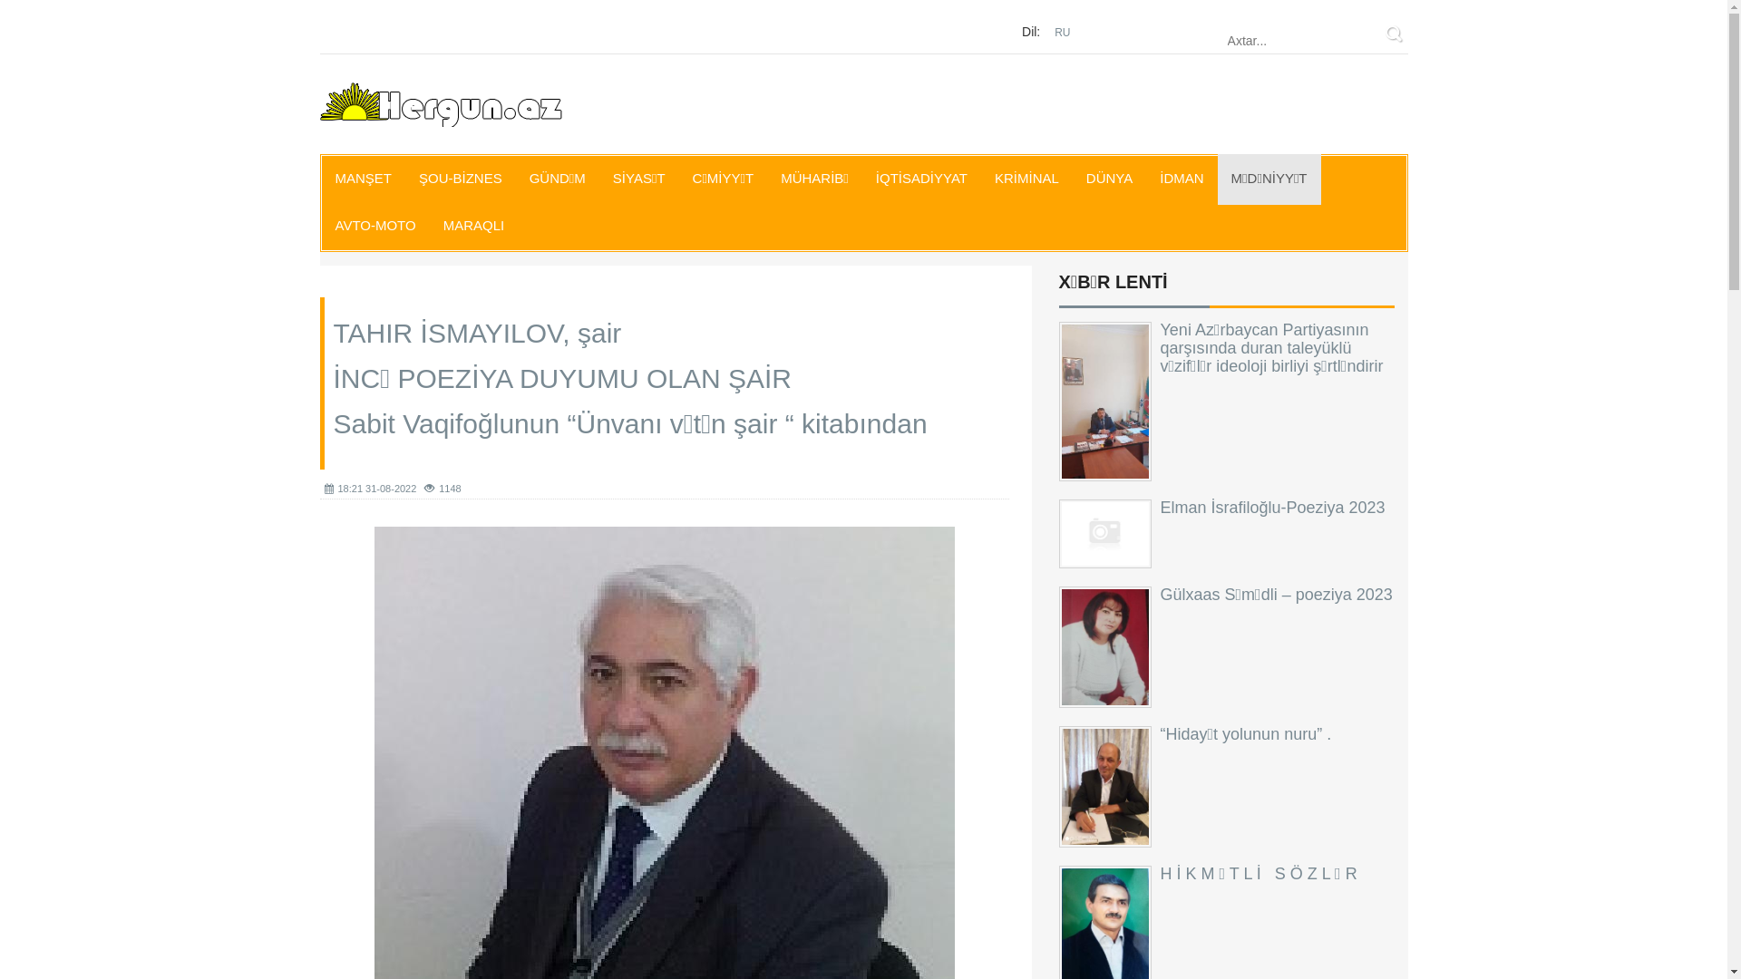  I want to click on 'RU', so click(1062, 33).